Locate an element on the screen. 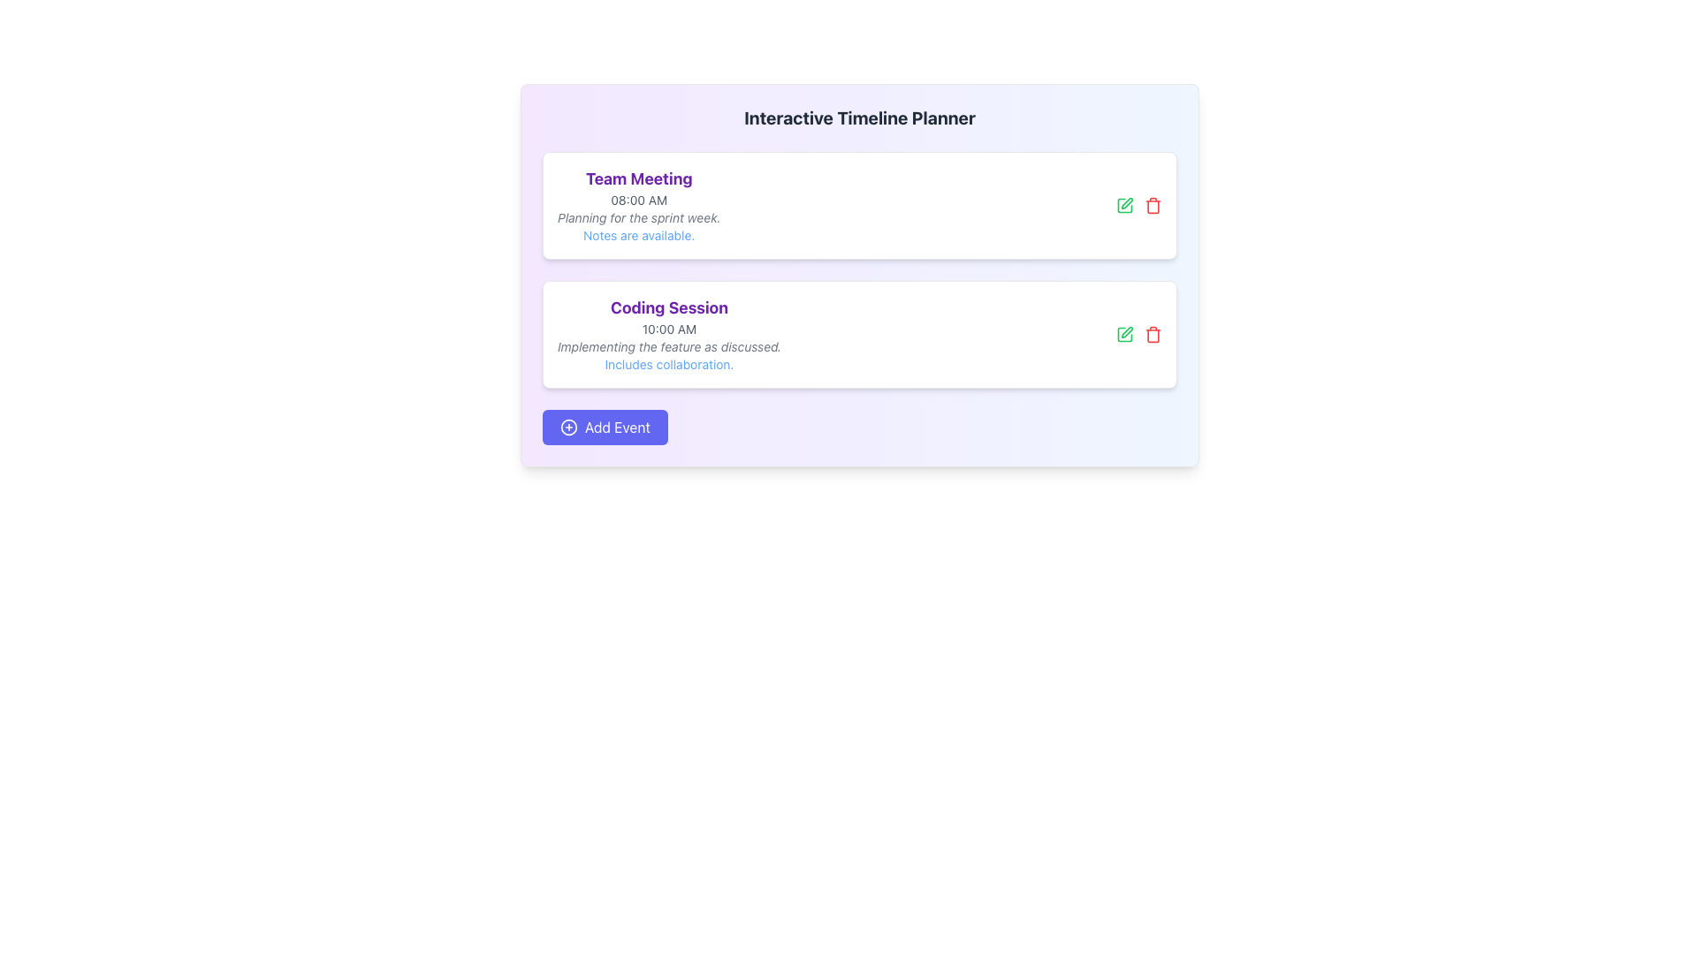  the time label displaying '10:00 AM' located directly below the 'Coding Session' header in the card is located at coordinates (668, 329).